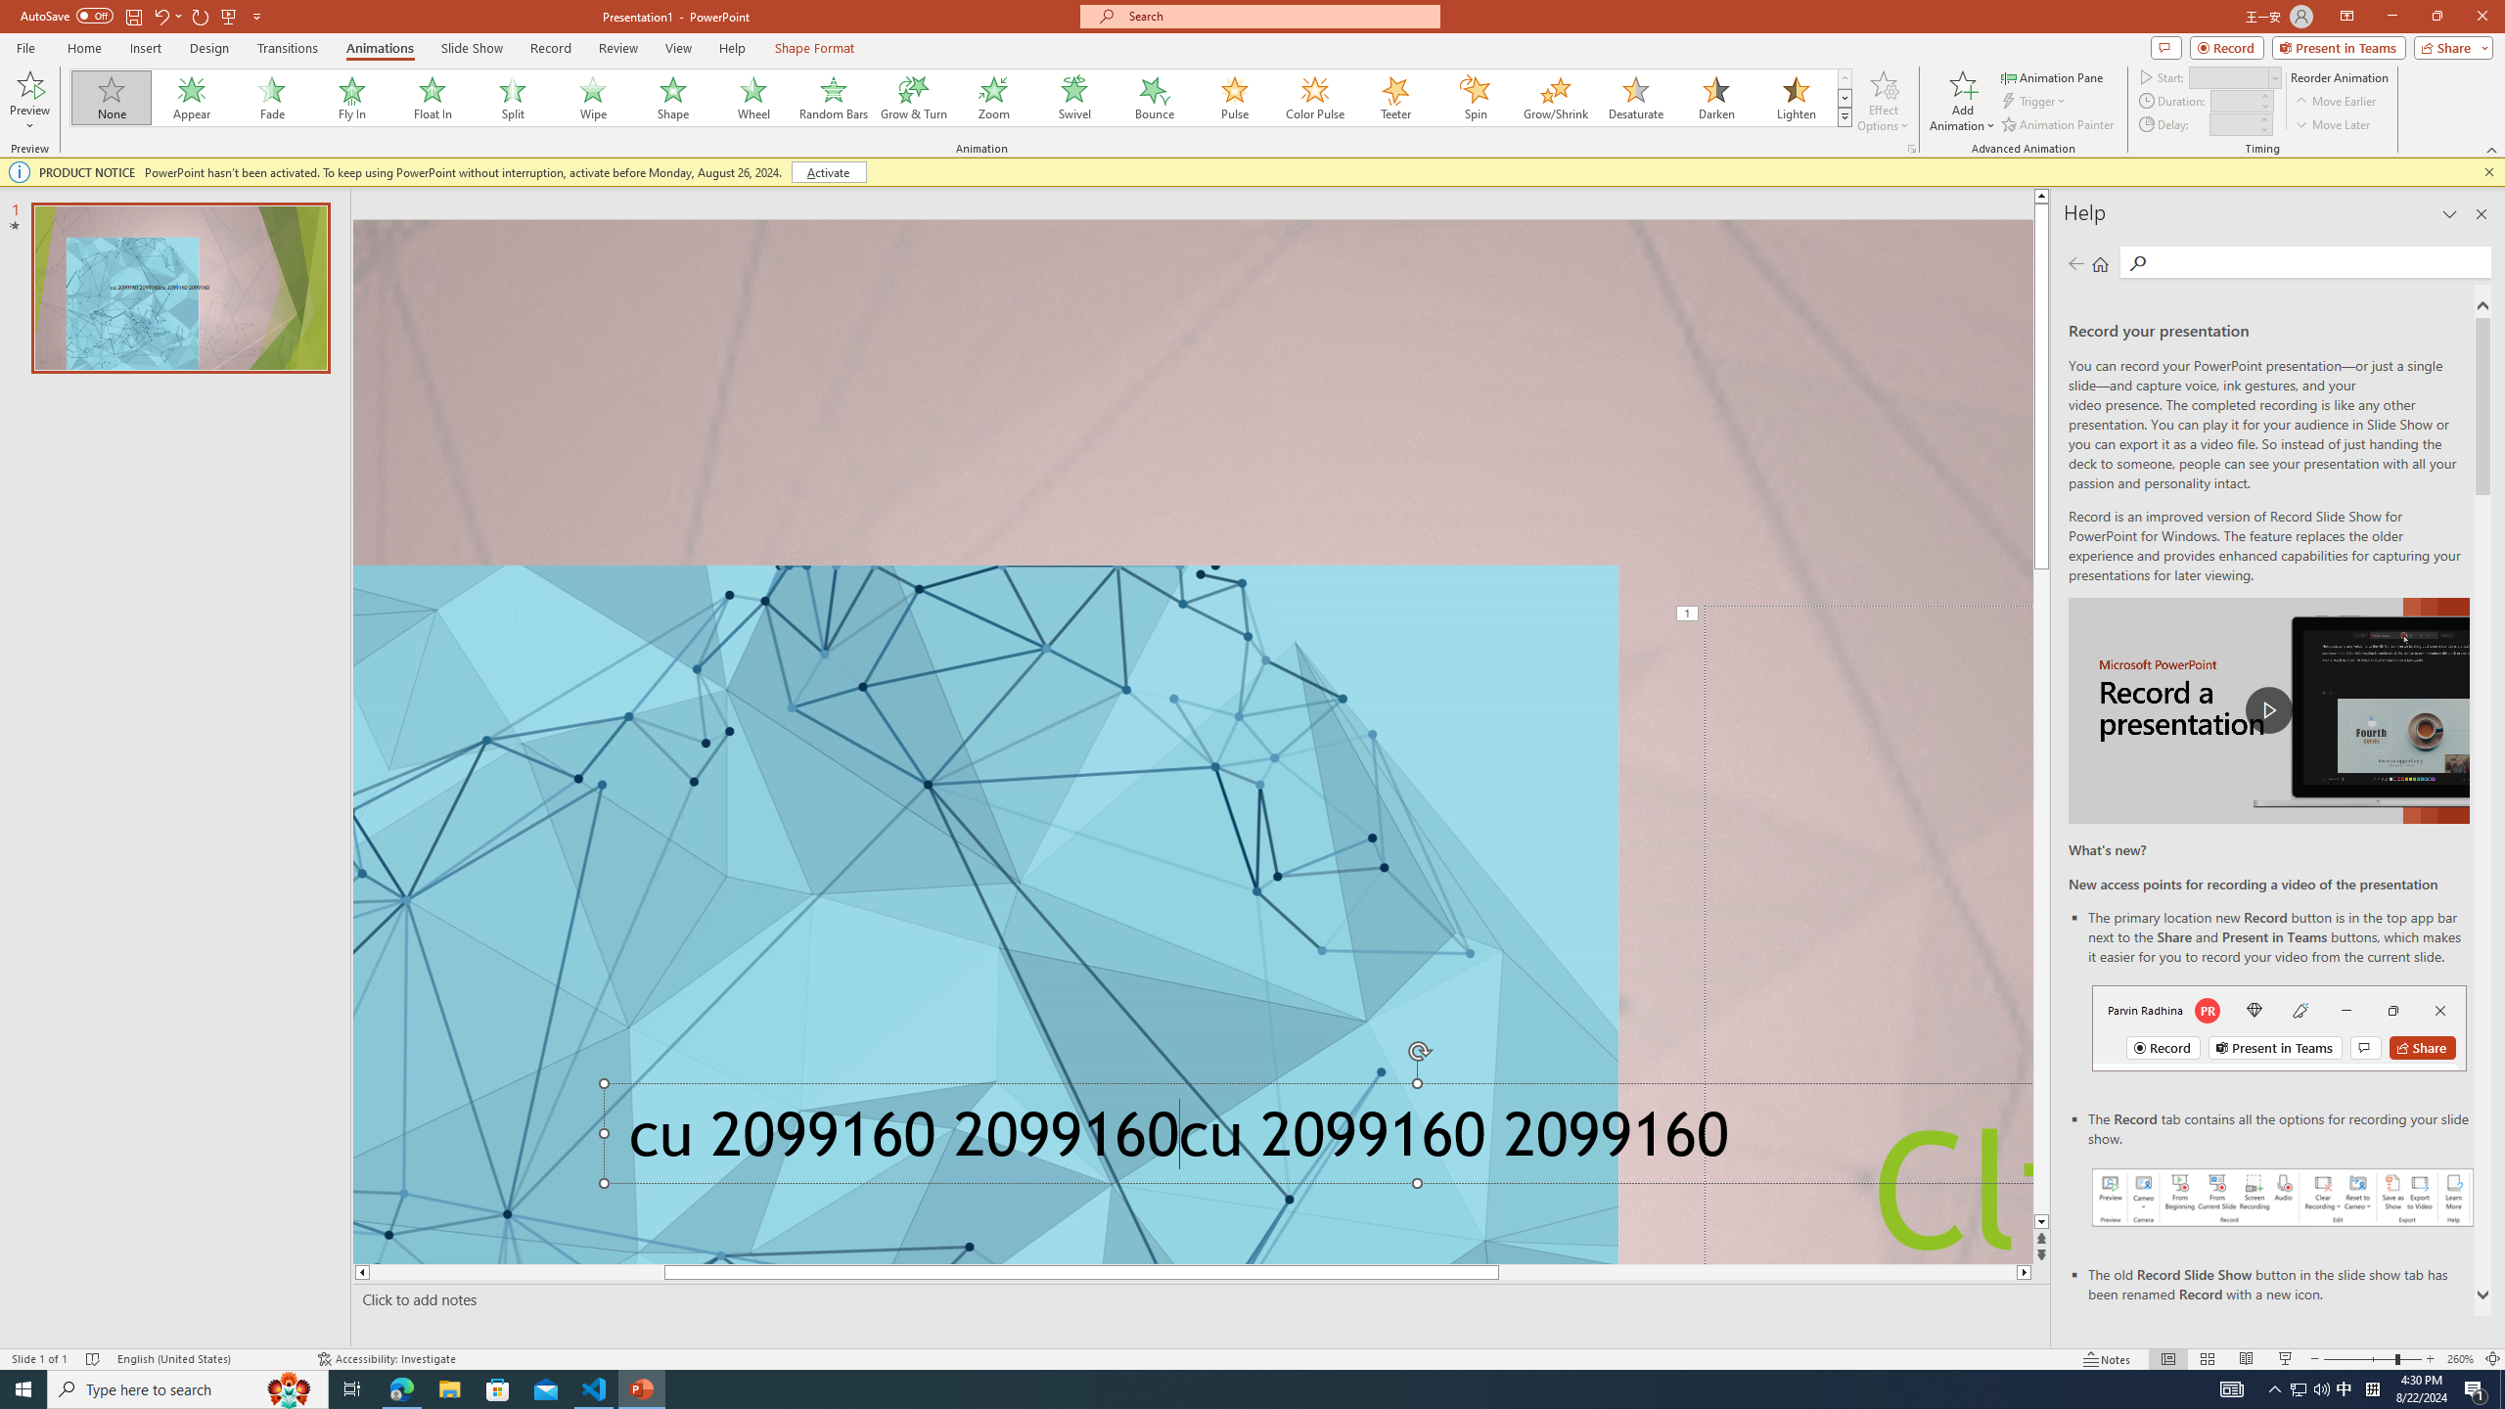 Image resolution: width=2505 pixels, height=1409 pixels. I want to click on 'play Record a Presentation', so click(2268, 709).